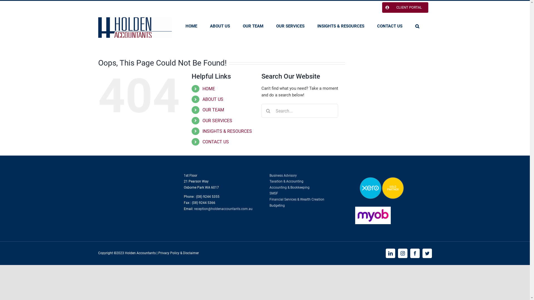  I want to click on 'OUR SERVICES', so click(217, 120).